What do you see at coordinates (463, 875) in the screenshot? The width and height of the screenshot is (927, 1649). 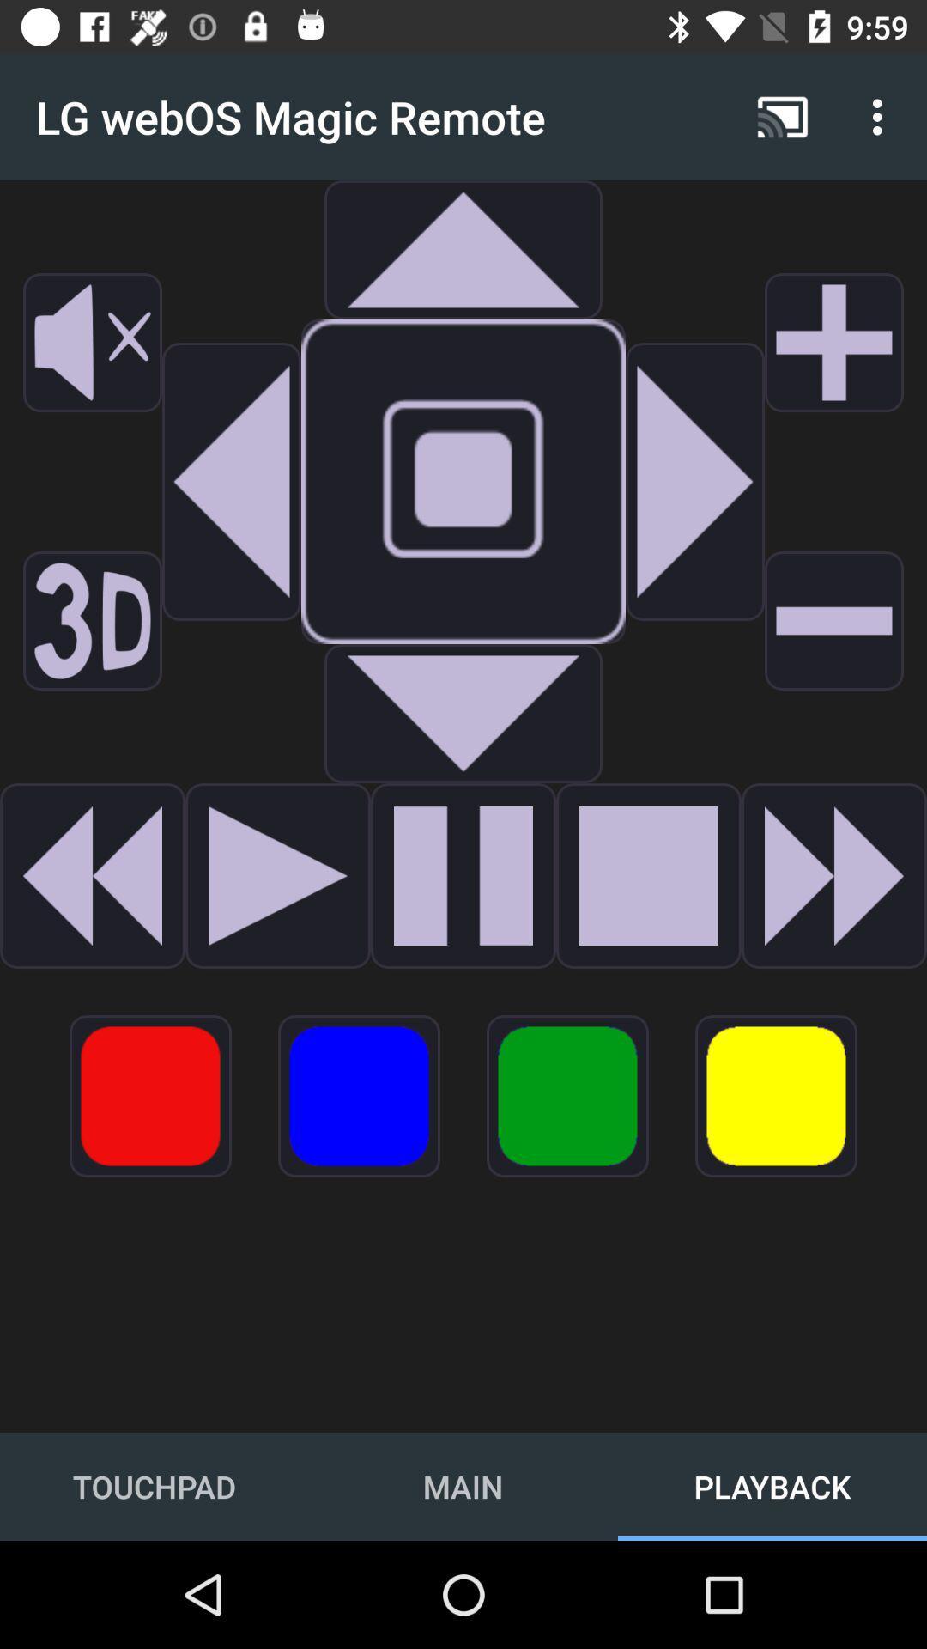 I see `pause option` at bounding box center [463, 875].